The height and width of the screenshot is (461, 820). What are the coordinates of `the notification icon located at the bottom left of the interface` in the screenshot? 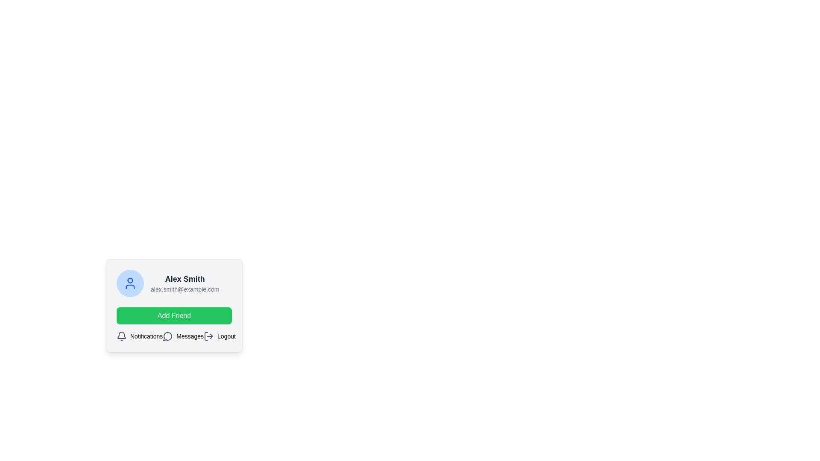 It's located at (121, 336).